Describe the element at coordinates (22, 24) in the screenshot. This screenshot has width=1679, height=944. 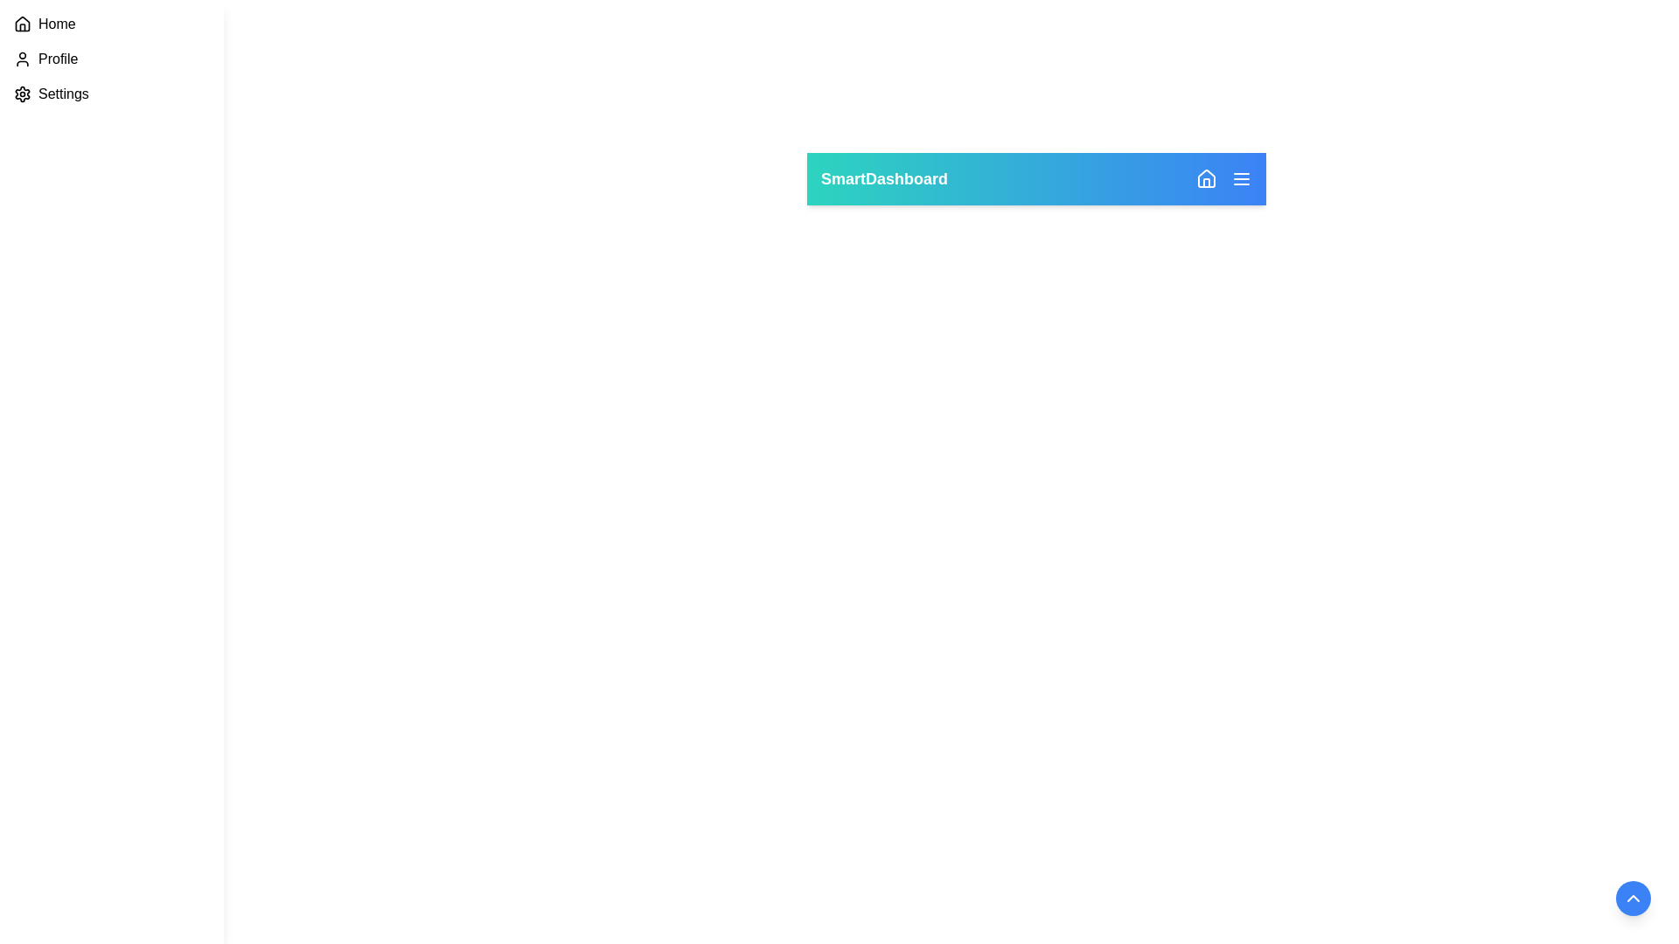
I see `the house-shaped icon located in the sidebar menu, which is the left-most icon in the 'Home' button group` at that location.